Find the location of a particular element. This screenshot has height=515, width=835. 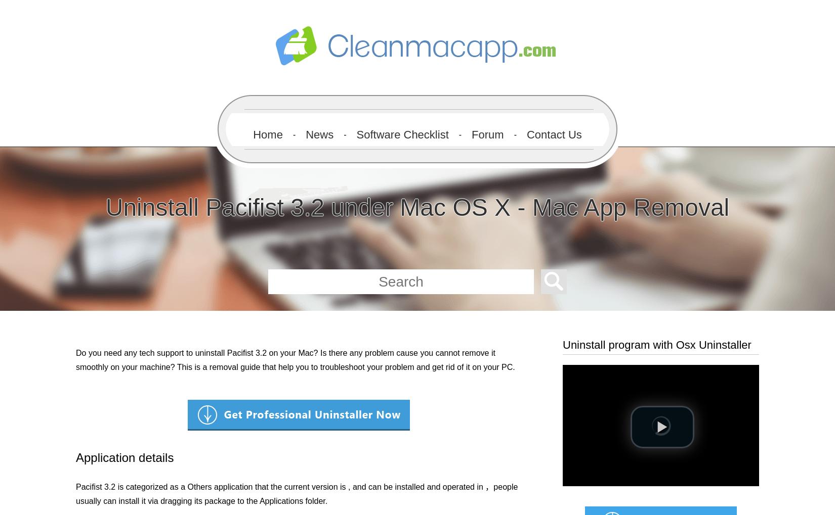

'Uninstall program with Osx Uninstaller' is located at coordinates (656, 344).